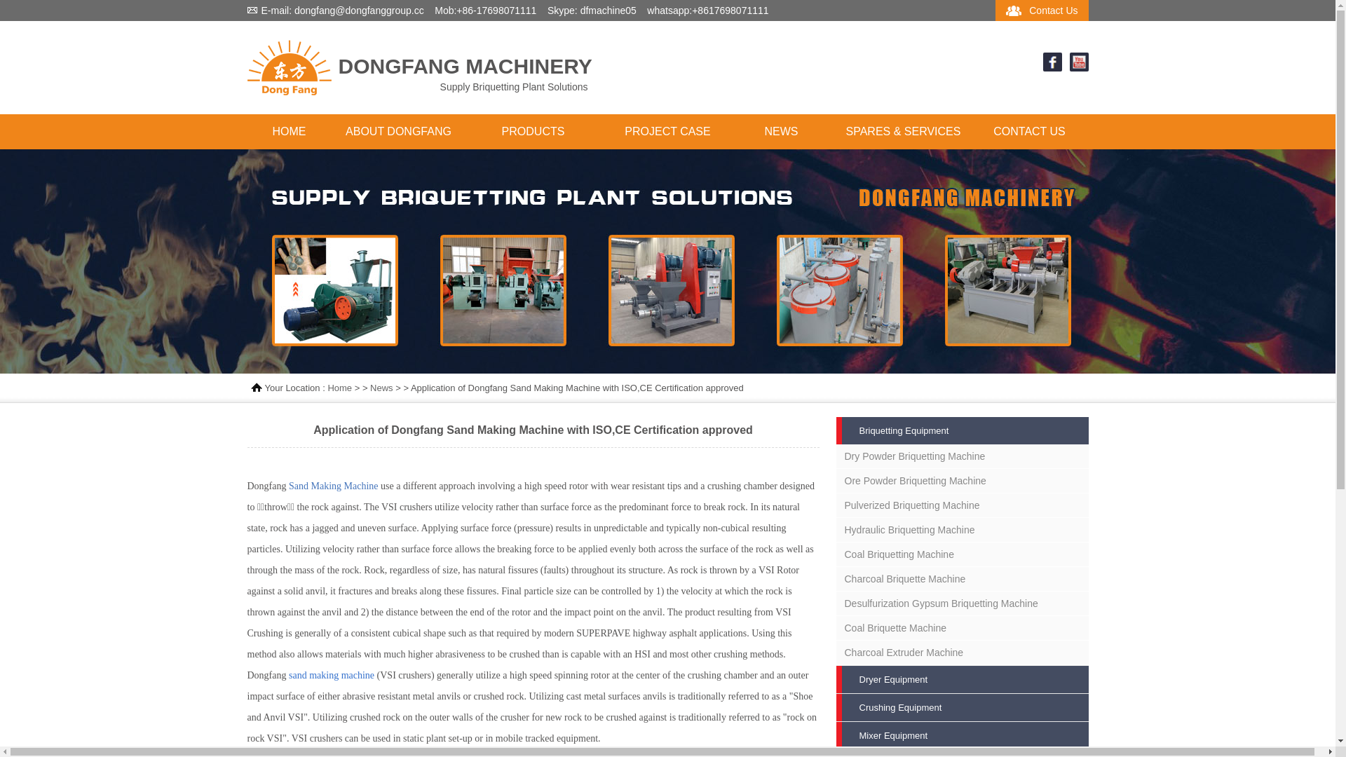  What do you see at coordinates (397, 132) in the screenshot?
I see `'ABOUT DONGFANG'` at bounding box center [397, 132].